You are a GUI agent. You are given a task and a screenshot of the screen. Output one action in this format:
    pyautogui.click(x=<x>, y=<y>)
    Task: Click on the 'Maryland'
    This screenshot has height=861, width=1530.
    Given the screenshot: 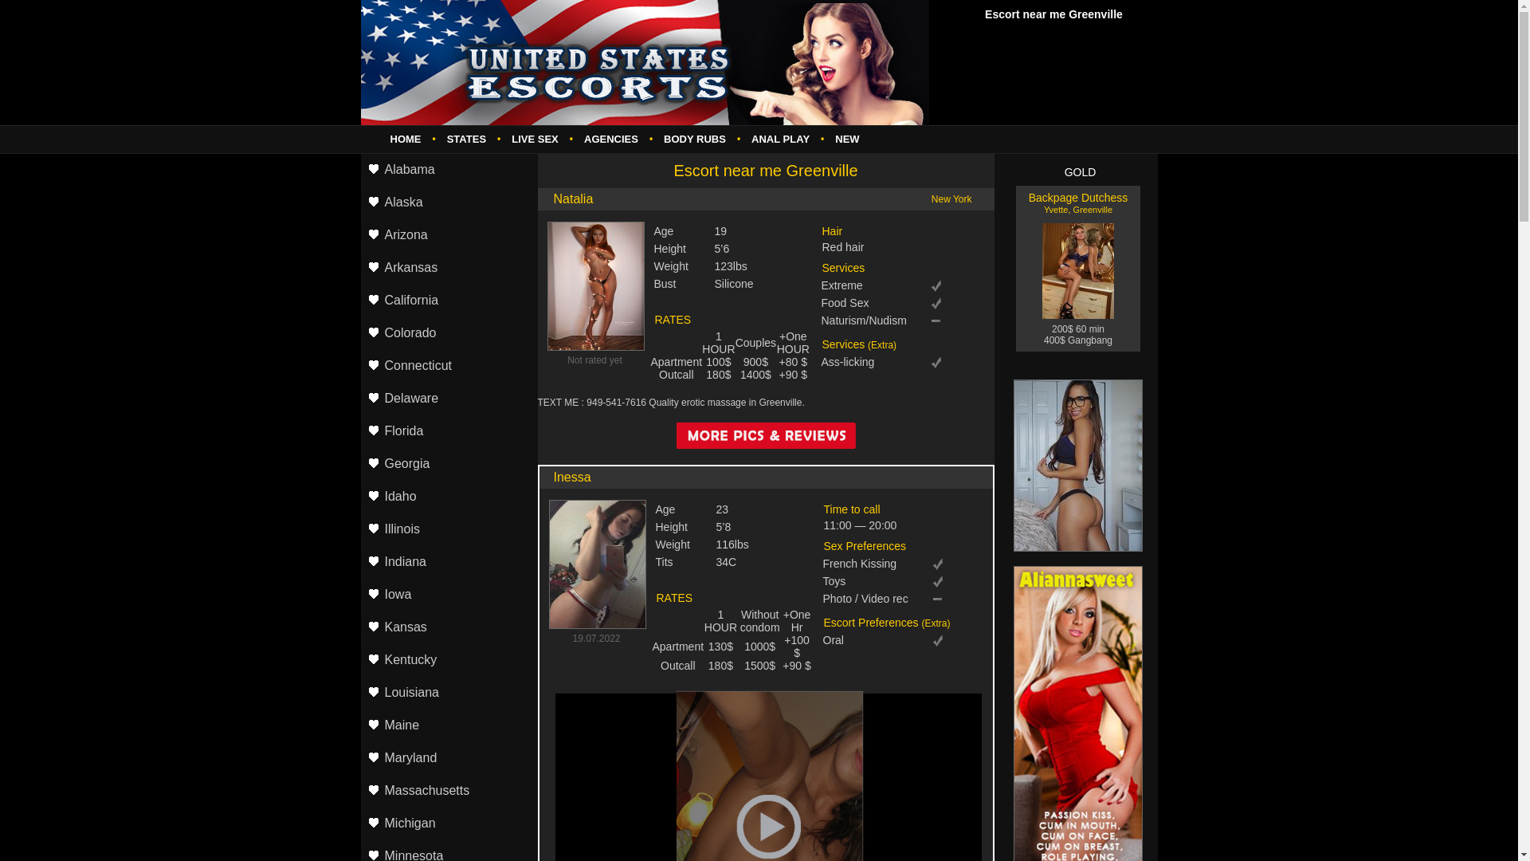 What is the action you would take?
    pyautogui.click(x=446, y=757)
    